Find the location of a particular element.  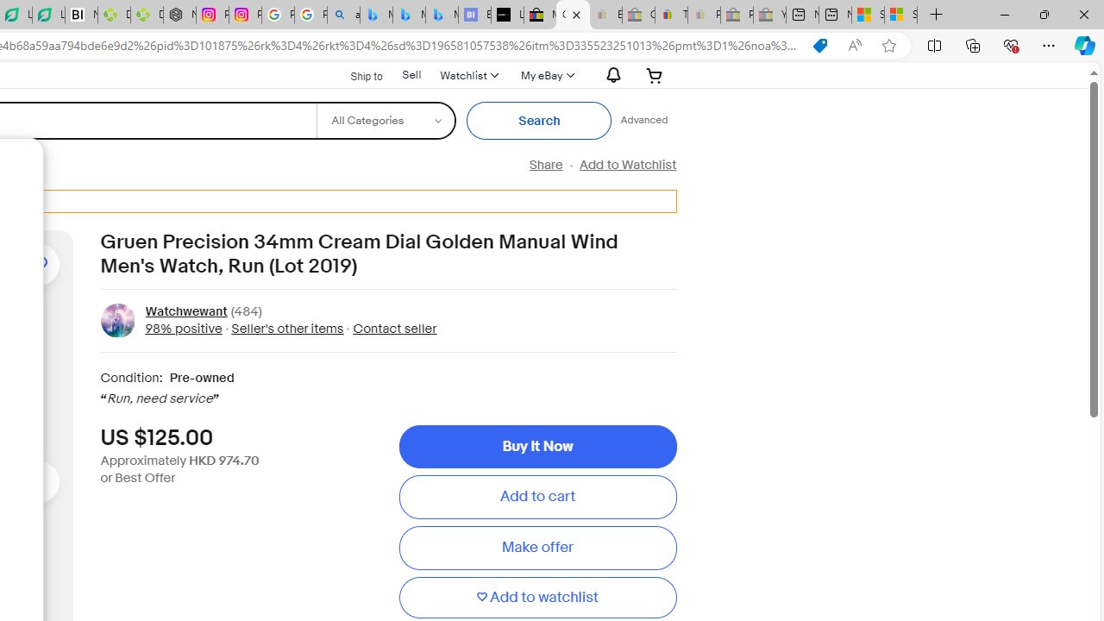

'Nordace - Nordace Edin Collection' is located at coordinates (179, 15).